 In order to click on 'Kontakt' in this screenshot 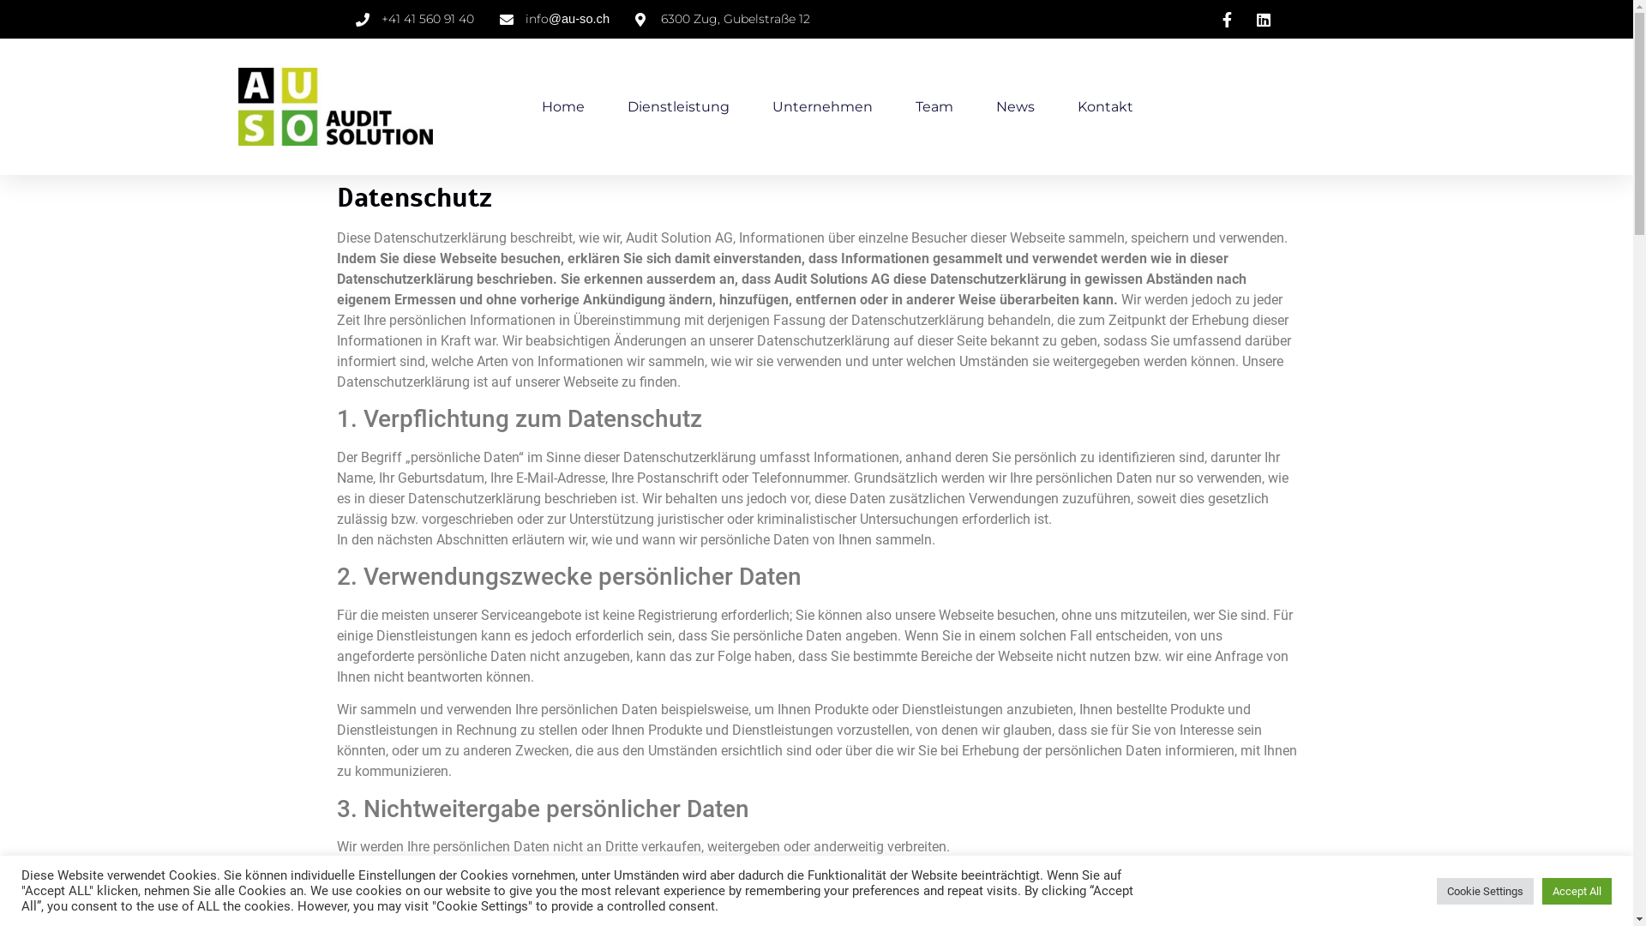, I will do `click(1104, 106)`.